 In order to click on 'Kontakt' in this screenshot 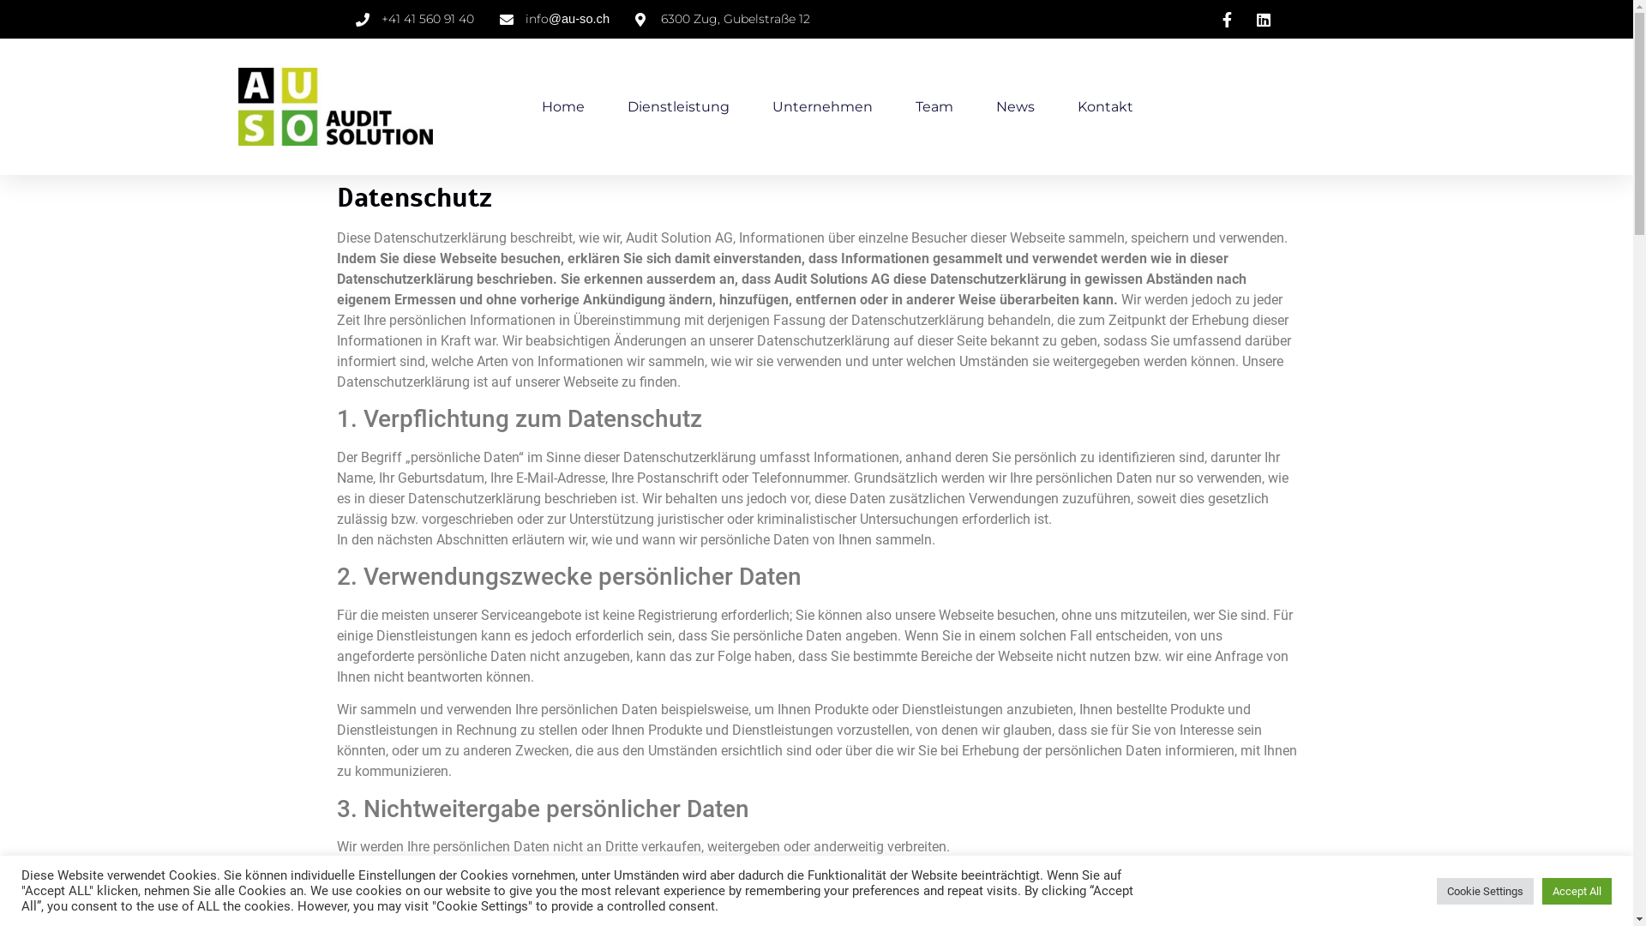, I will do `click(1104, 106)`.